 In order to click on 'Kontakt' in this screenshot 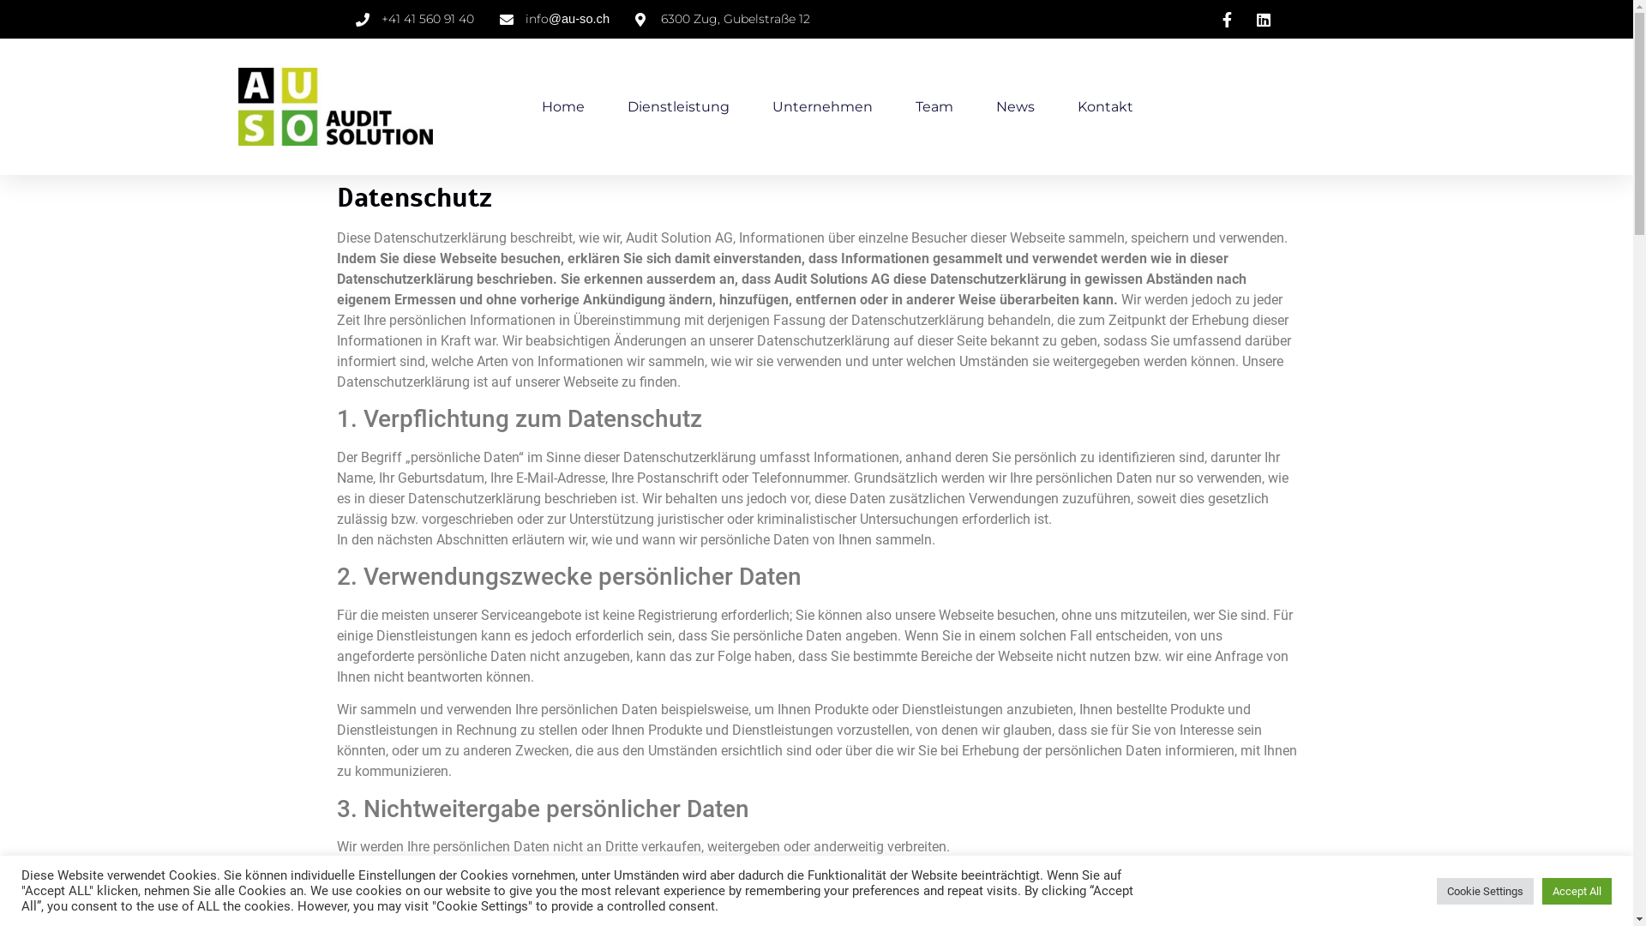, I will do `click(1104, 106)`.